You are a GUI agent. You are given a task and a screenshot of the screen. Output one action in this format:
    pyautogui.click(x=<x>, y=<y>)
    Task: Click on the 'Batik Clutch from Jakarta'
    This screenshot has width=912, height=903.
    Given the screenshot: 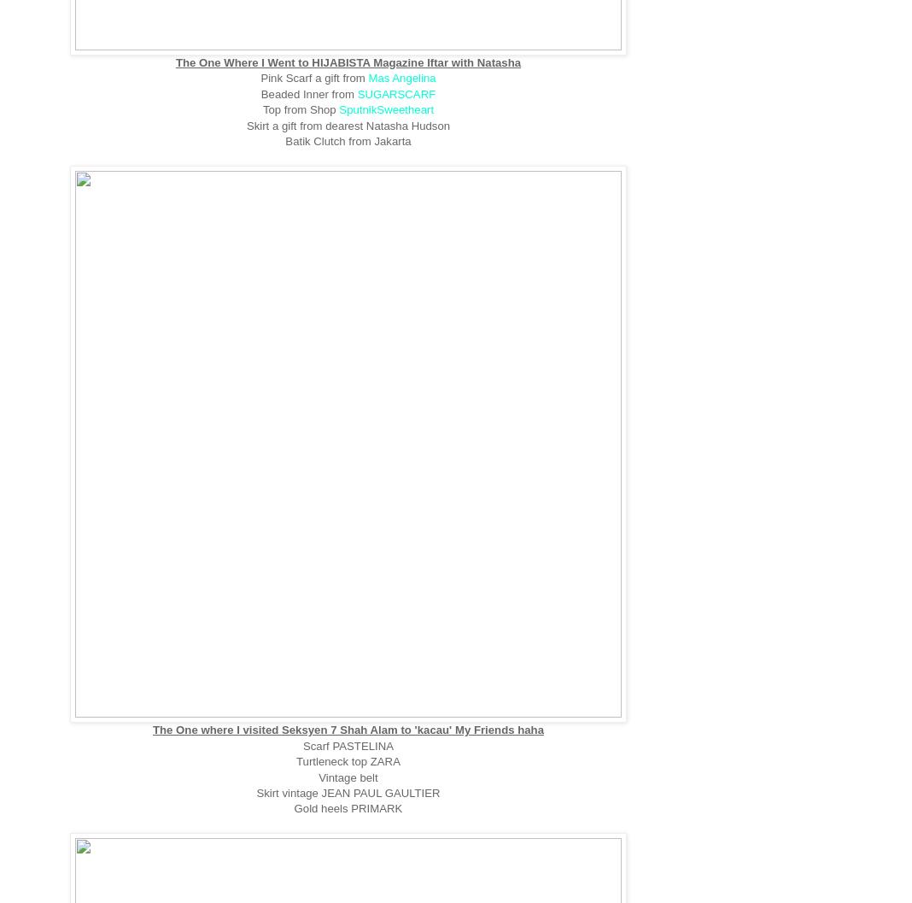 What is the action you would take?
    pyautogui.click(x=348, y=141)
    